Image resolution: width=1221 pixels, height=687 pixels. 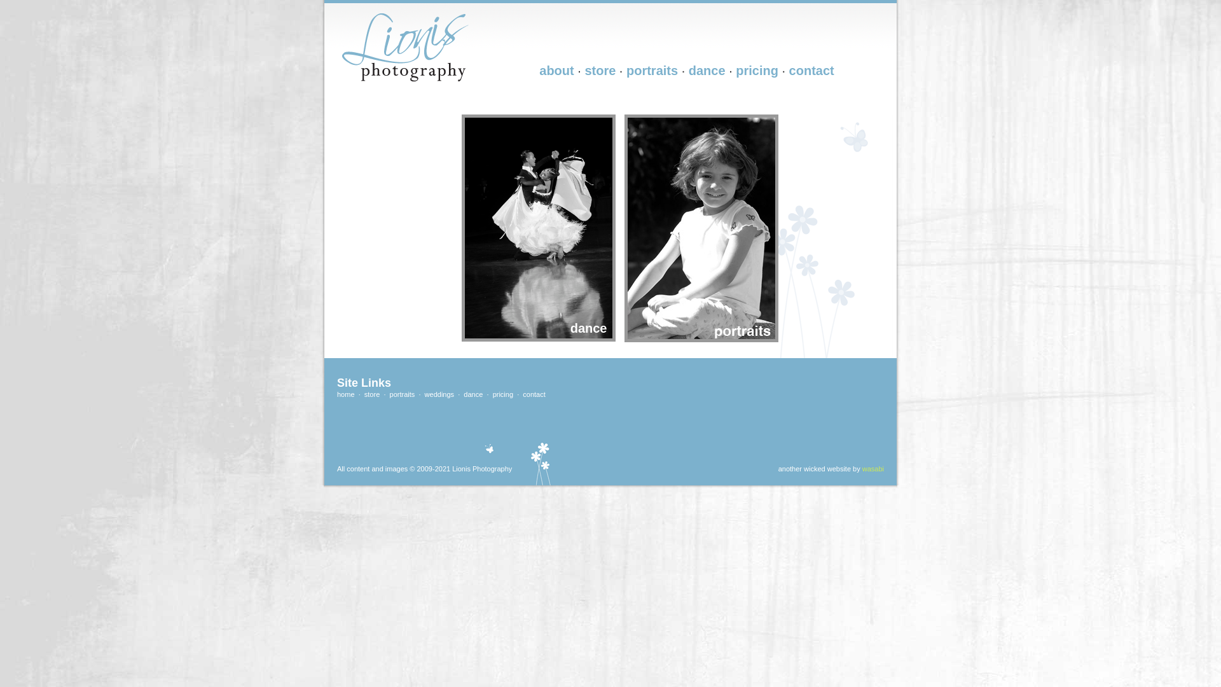 What do you see at coordinates (757, 71) in the screenshot?
I see `'pricing'` at bounding box center [757, 71].